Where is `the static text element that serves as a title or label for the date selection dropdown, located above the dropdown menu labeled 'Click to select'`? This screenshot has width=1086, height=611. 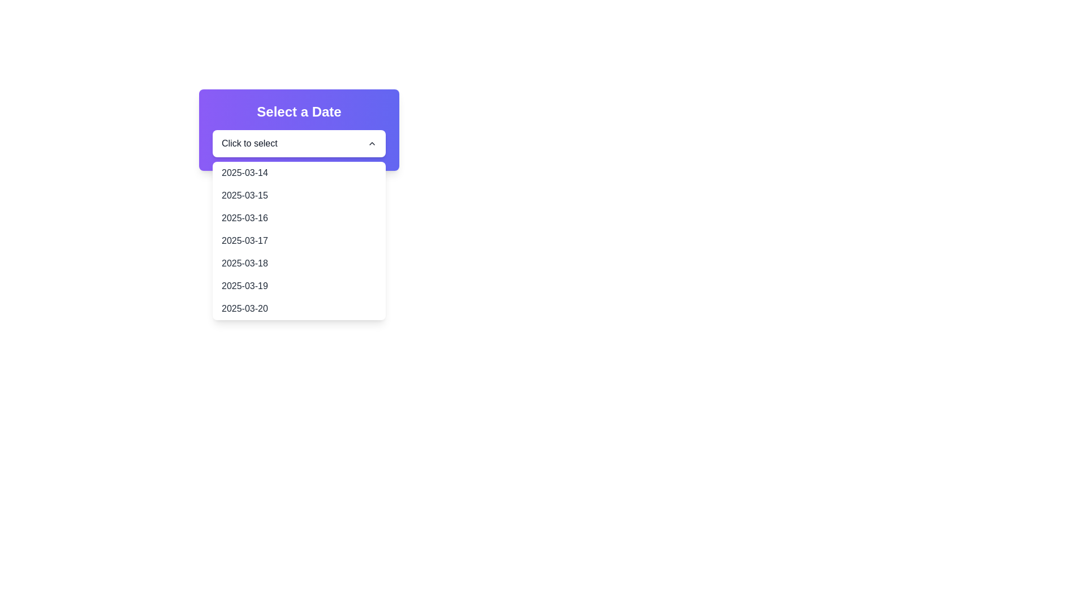
the static text element that serves as a title or label for the date selection dropdown, located above the dropdown menu labeled 'Click to select' is located at coordinates (299, 111).